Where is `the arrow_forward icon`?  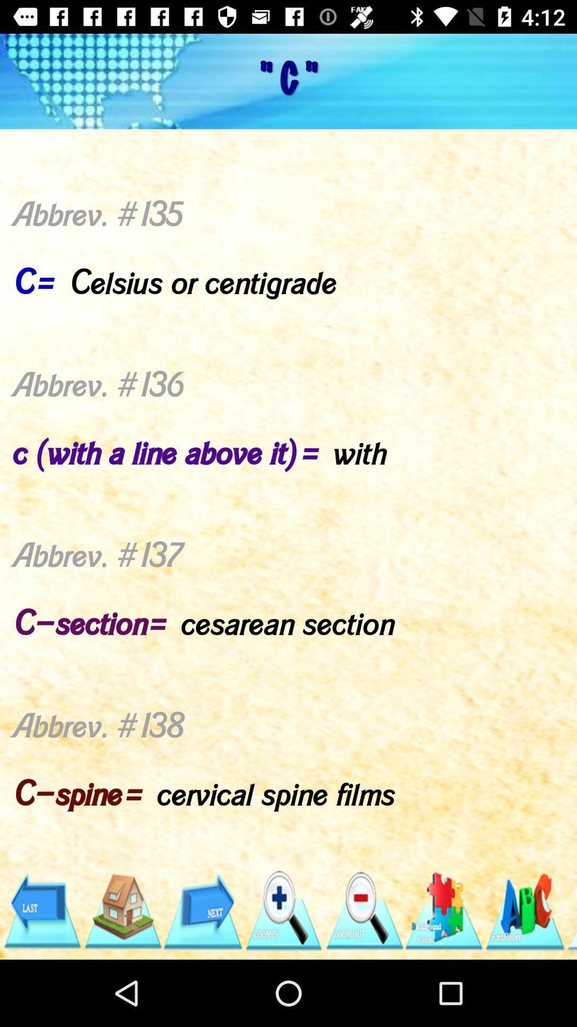
the arrow_forward icon is located at coordinates (202, 910).